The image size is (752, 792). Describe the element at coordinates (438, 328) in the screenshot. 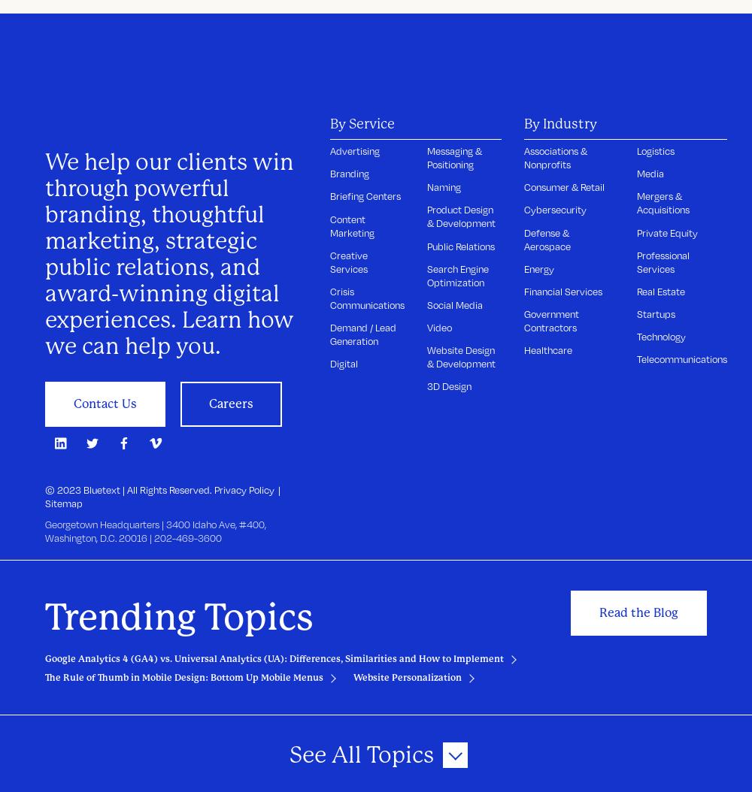

I see `'Video'` at that location.